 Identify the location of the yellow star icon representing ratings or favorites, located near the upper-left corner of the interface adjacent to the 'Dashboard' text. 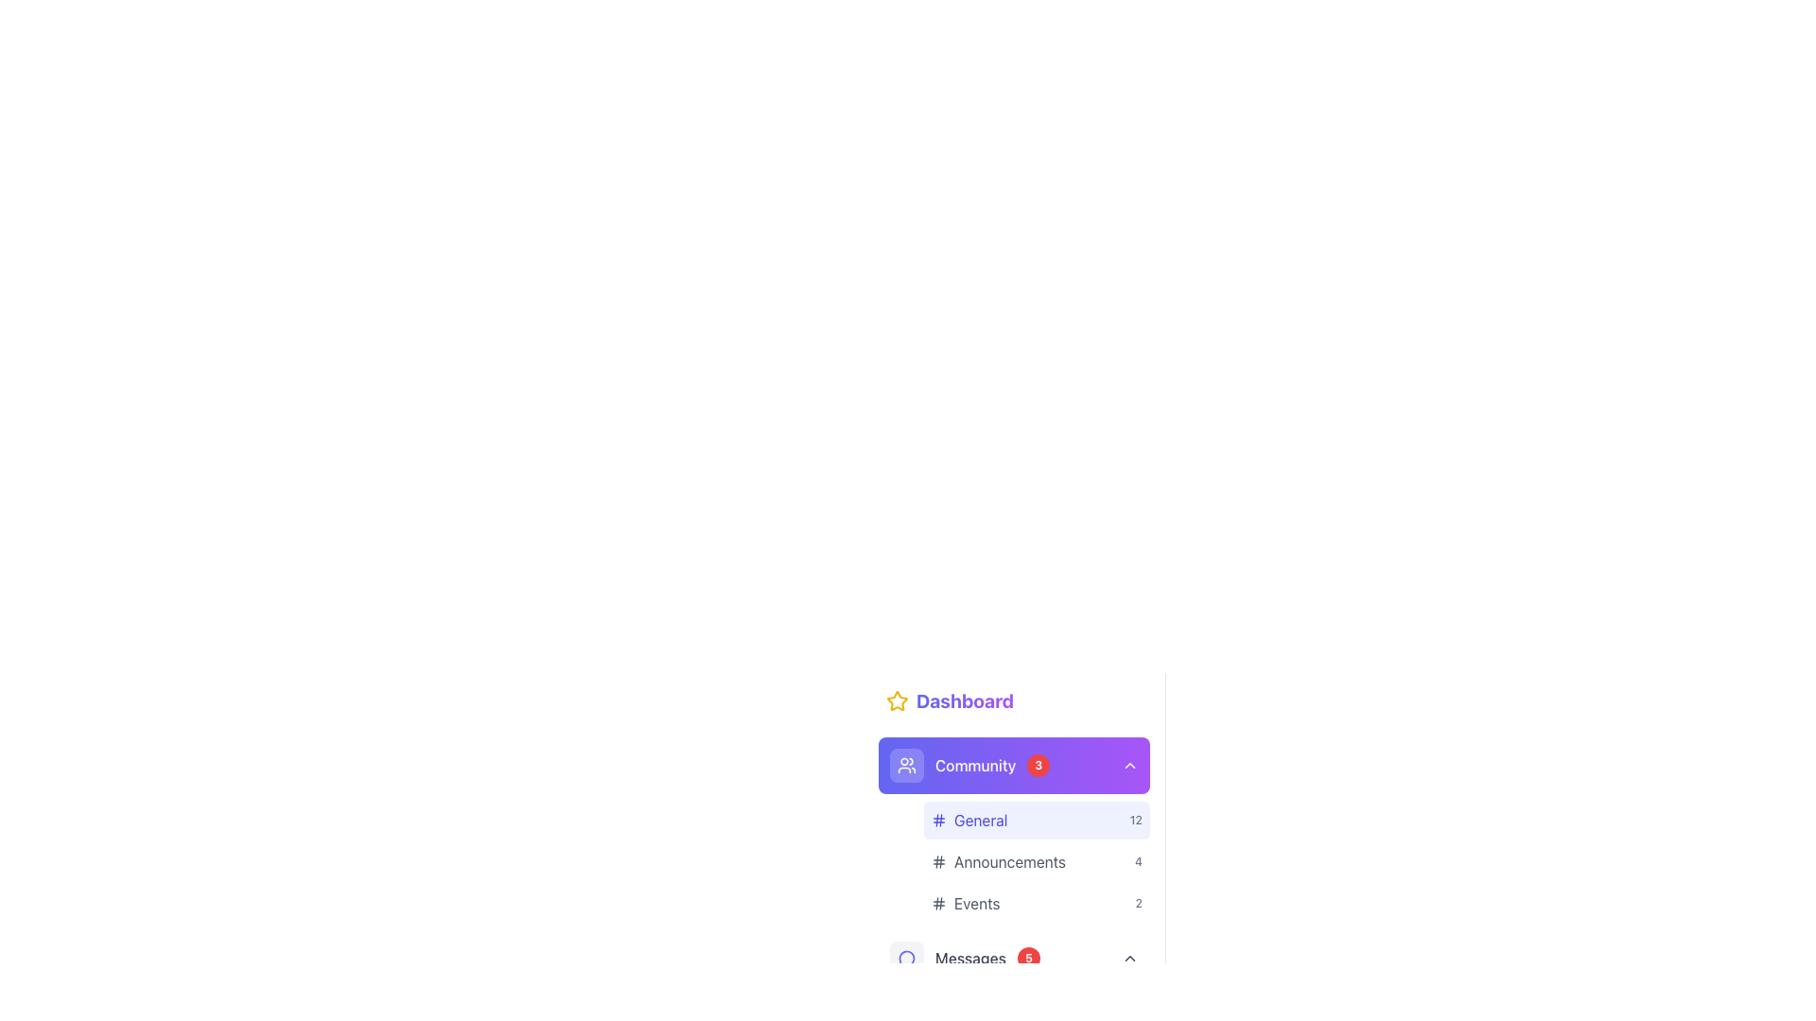
(897, 701).